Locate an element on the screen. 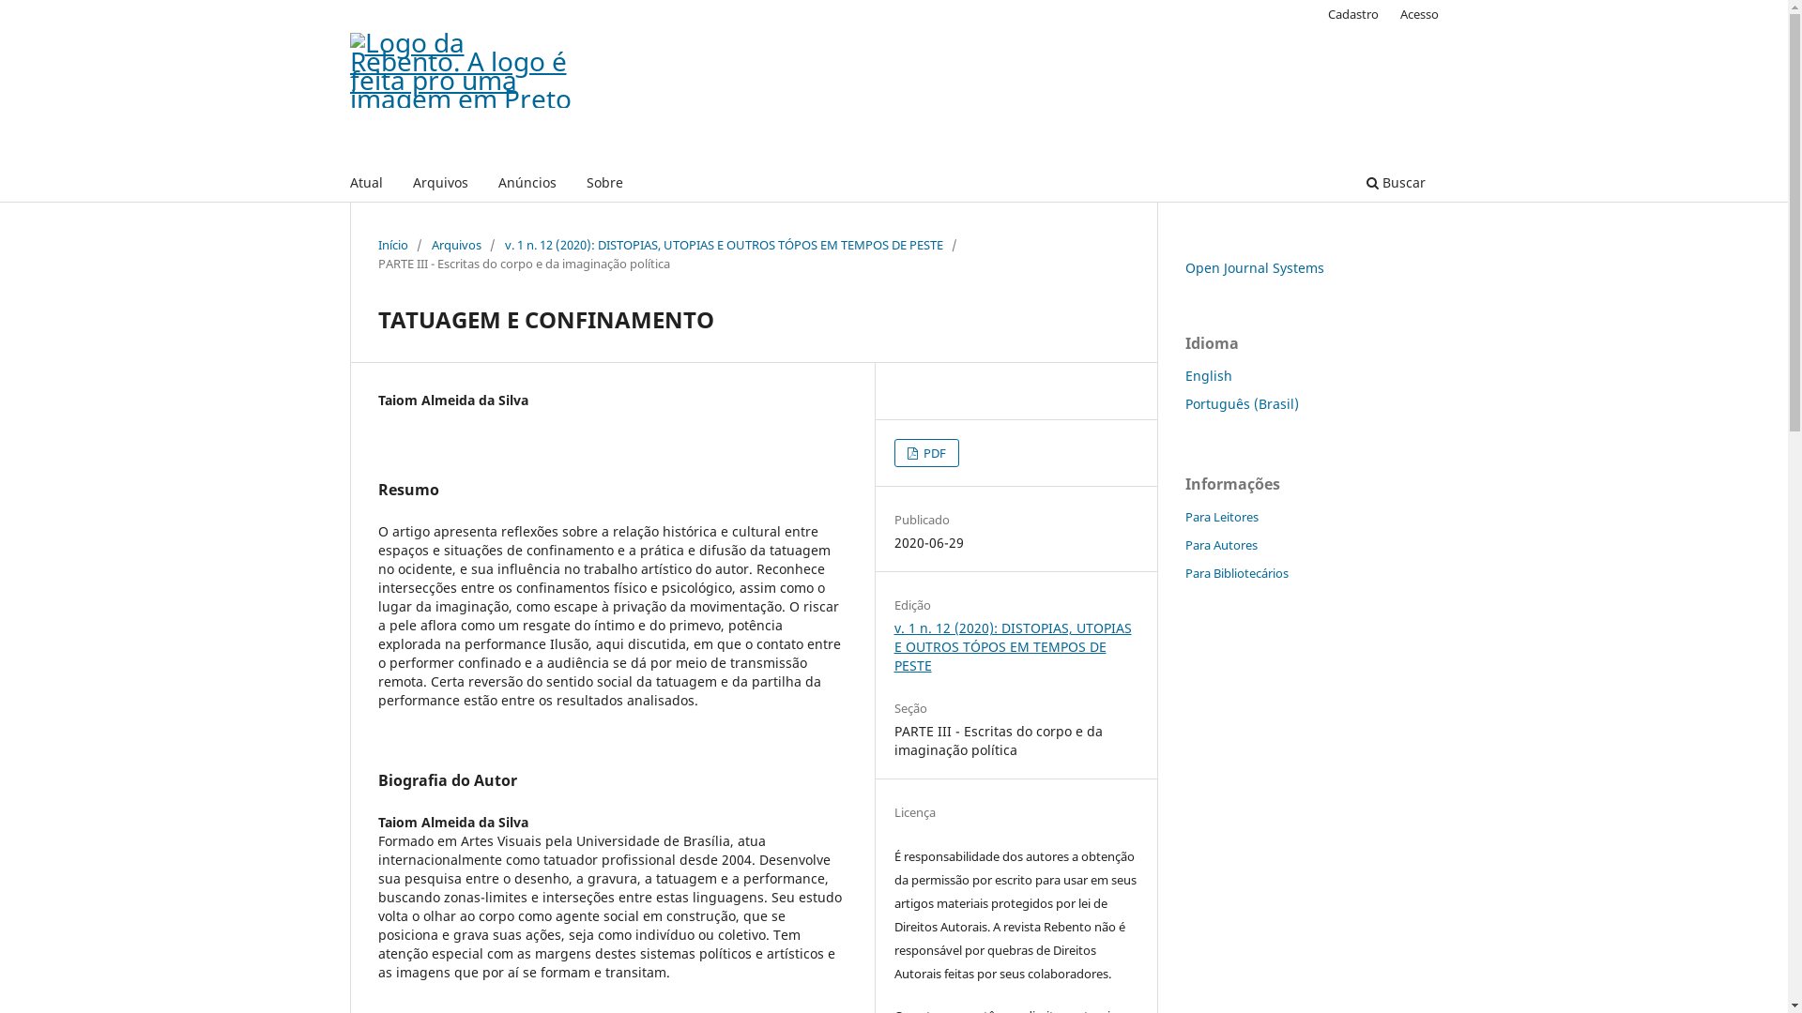  'Para Autores' is located at coordinates (1220, 545).